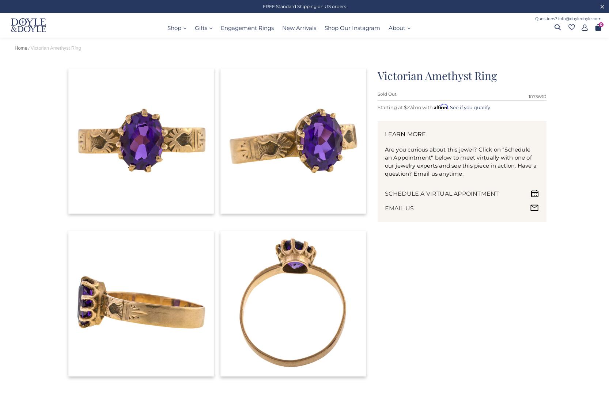 The image size is (609, 394). I want to click on 'Home', so click(14, 47).